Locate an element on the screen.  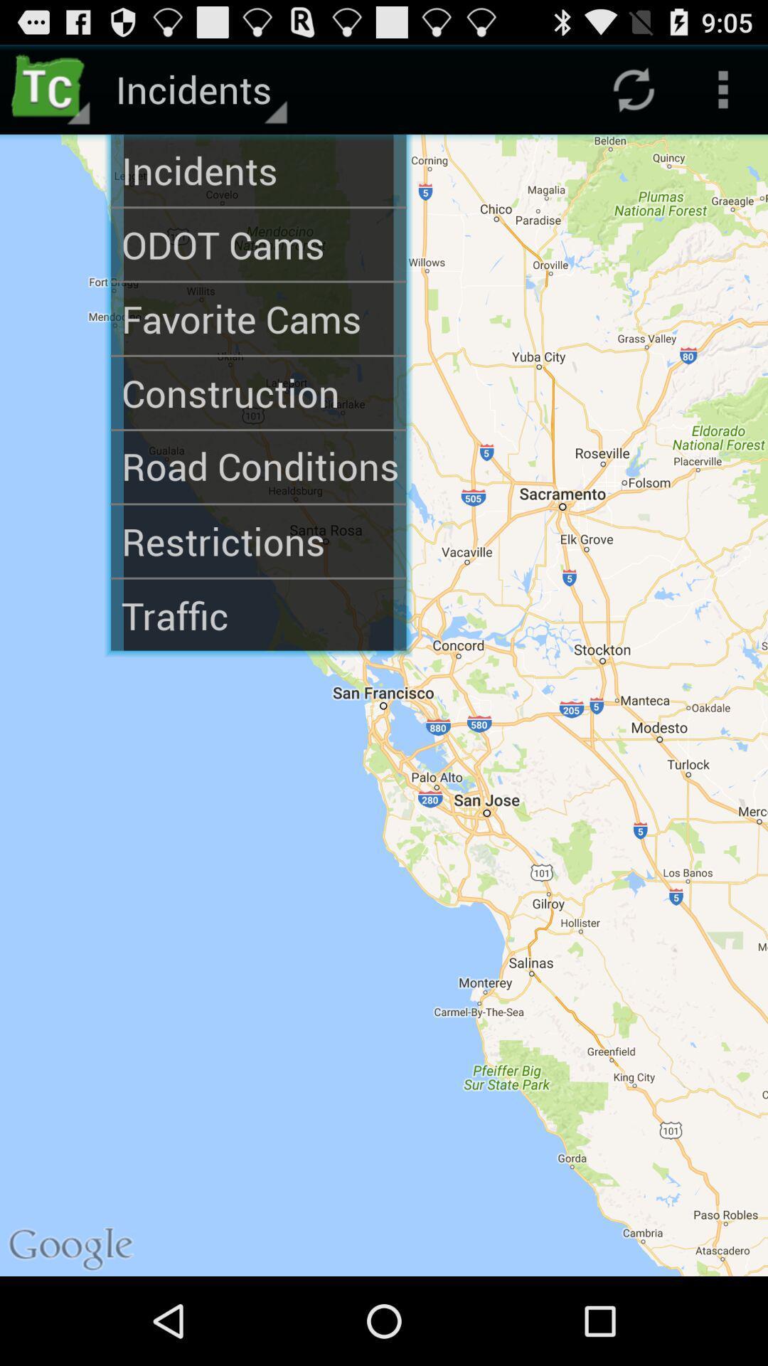
the restrictions icon is located at coordinates (258, 540).